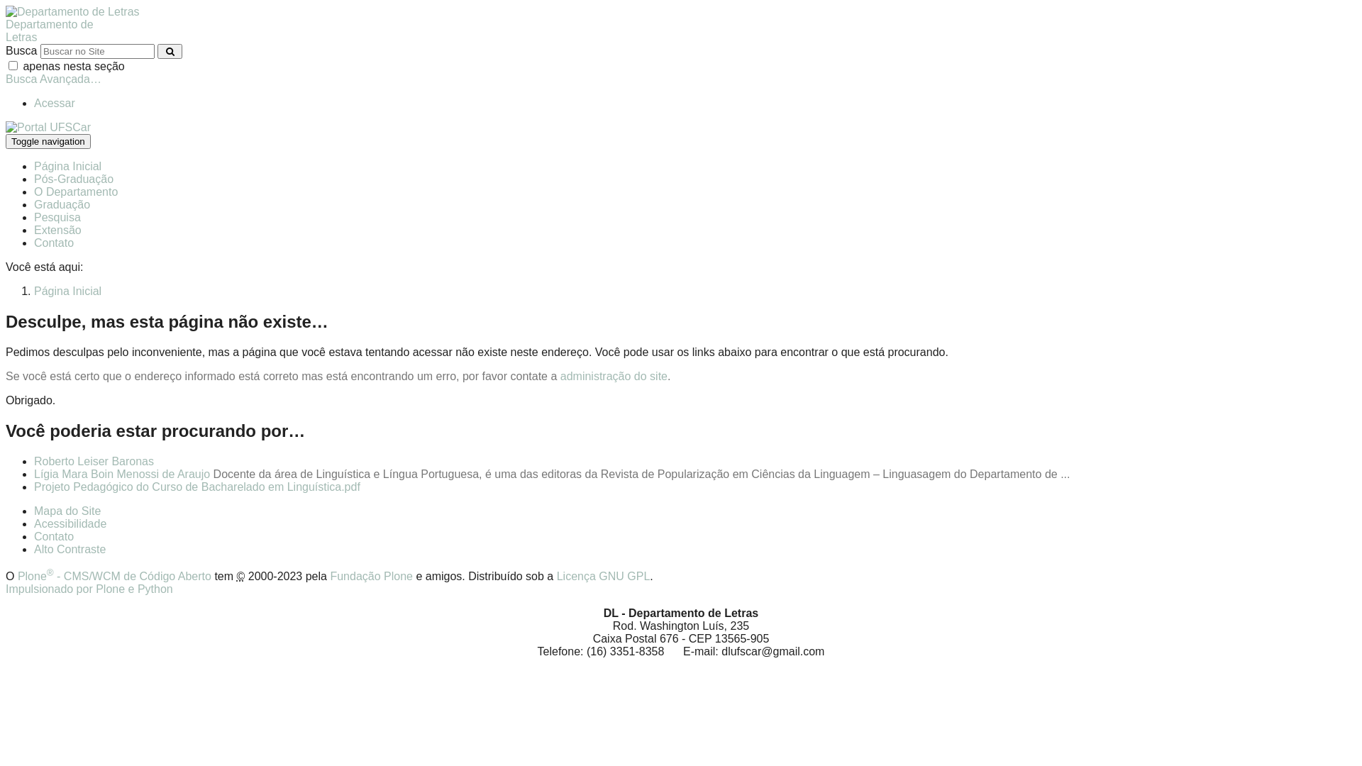  What do you see at coordinates (54, 102) in the screenshot?
I see `'Acessar'` at bounding box center [54, 102].